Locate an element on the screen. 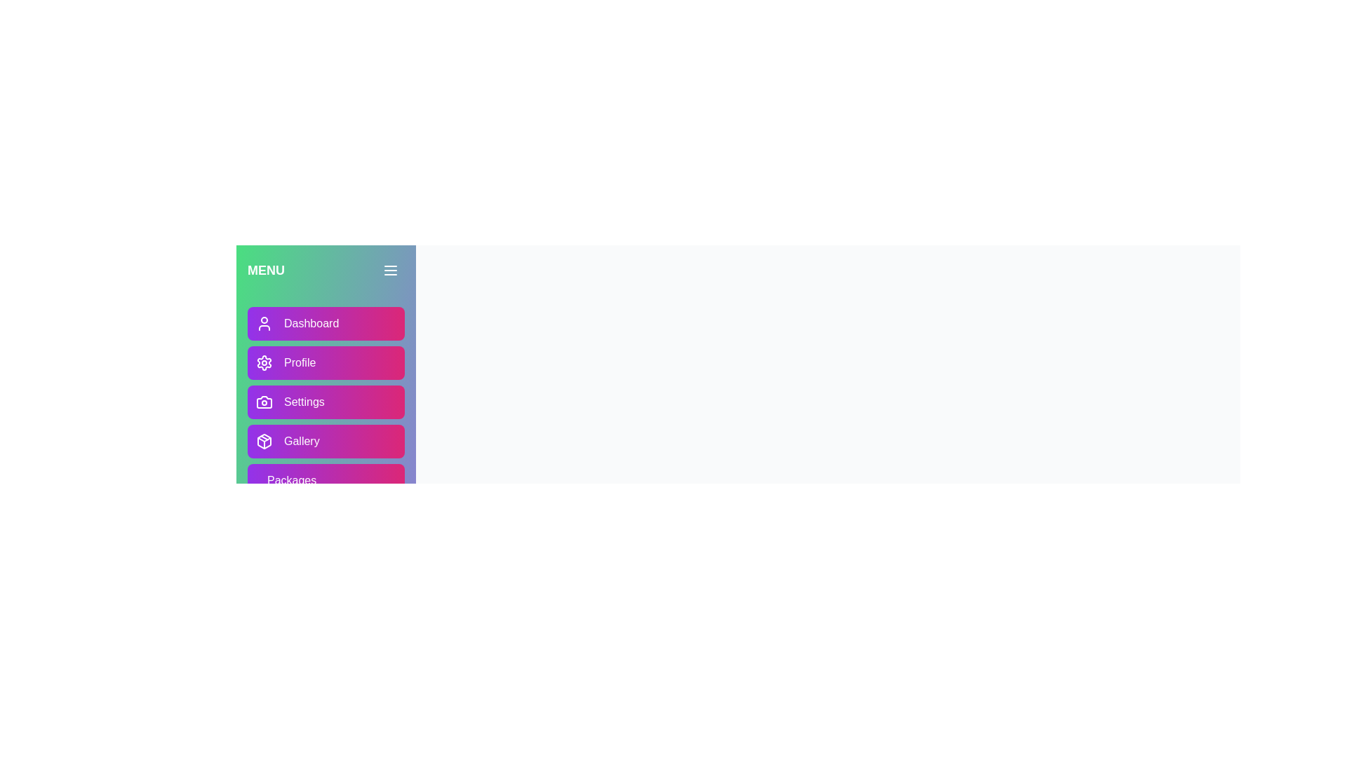 The image size is (1347, 757). the 'Settings' button to navigate to the 'Settings' section is located at coordinates (326, 402).